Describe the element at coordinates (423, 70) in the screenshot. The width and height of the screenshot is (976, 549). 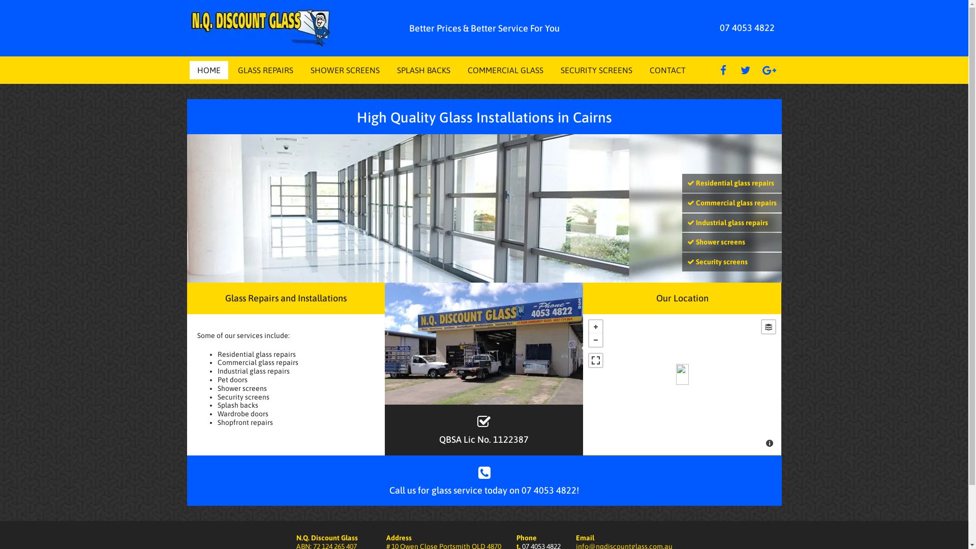
I see `'SPLASH BACKS'` at that location.